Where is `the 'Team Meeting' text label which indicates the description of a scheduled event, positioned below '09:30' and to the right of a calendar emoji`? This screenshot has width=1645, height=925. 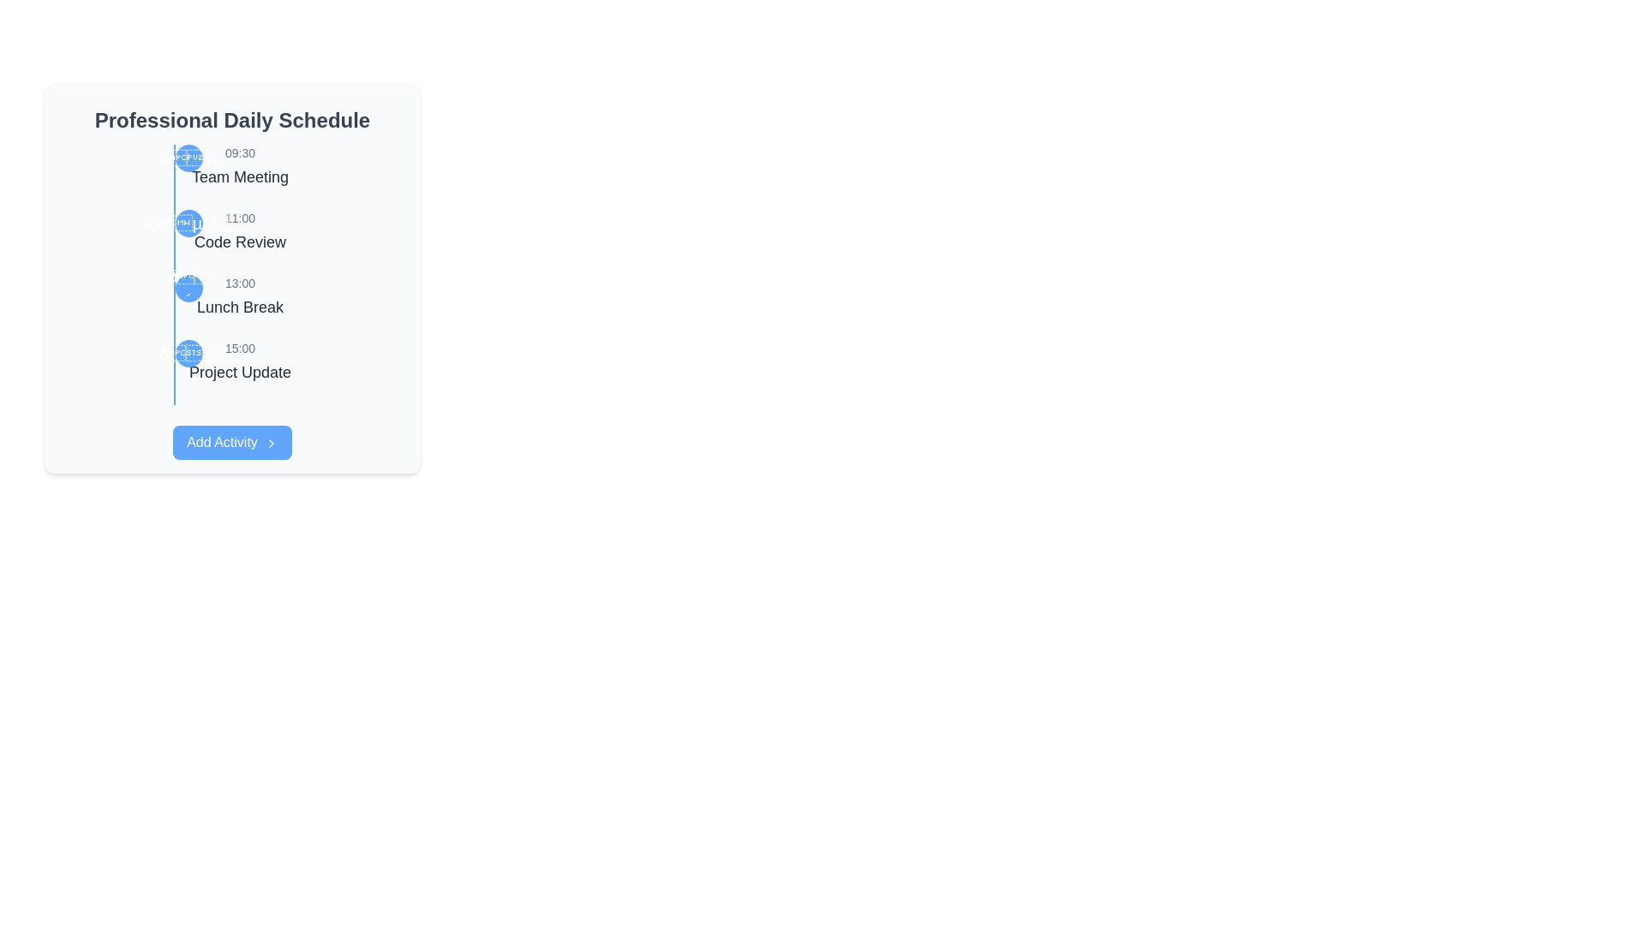 the 'Team Meeting' text label which indicates the description of a scheduled event, positioned below '09:30' and to the right of a calendar emoji is located at coordinates (239, 177).